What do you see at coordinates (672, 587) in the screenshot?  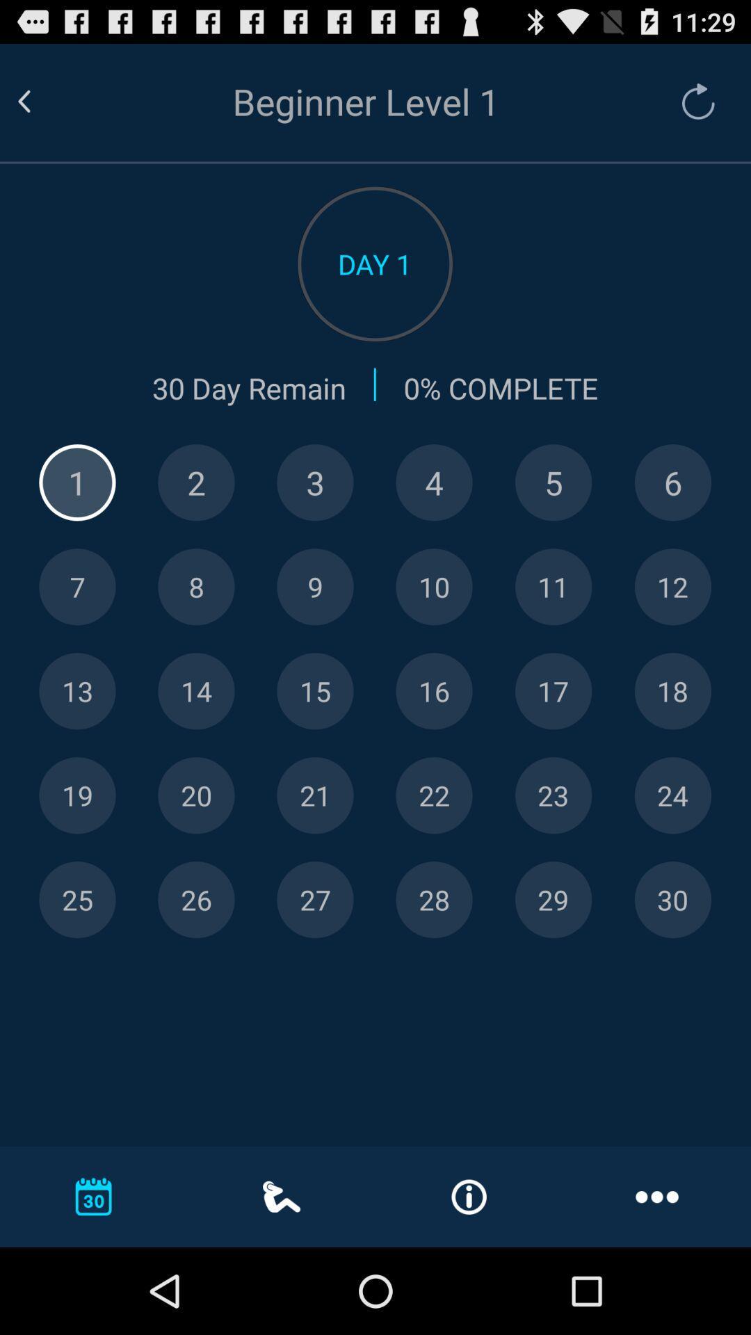 I see `date selection` at bounding box center [672, 587].